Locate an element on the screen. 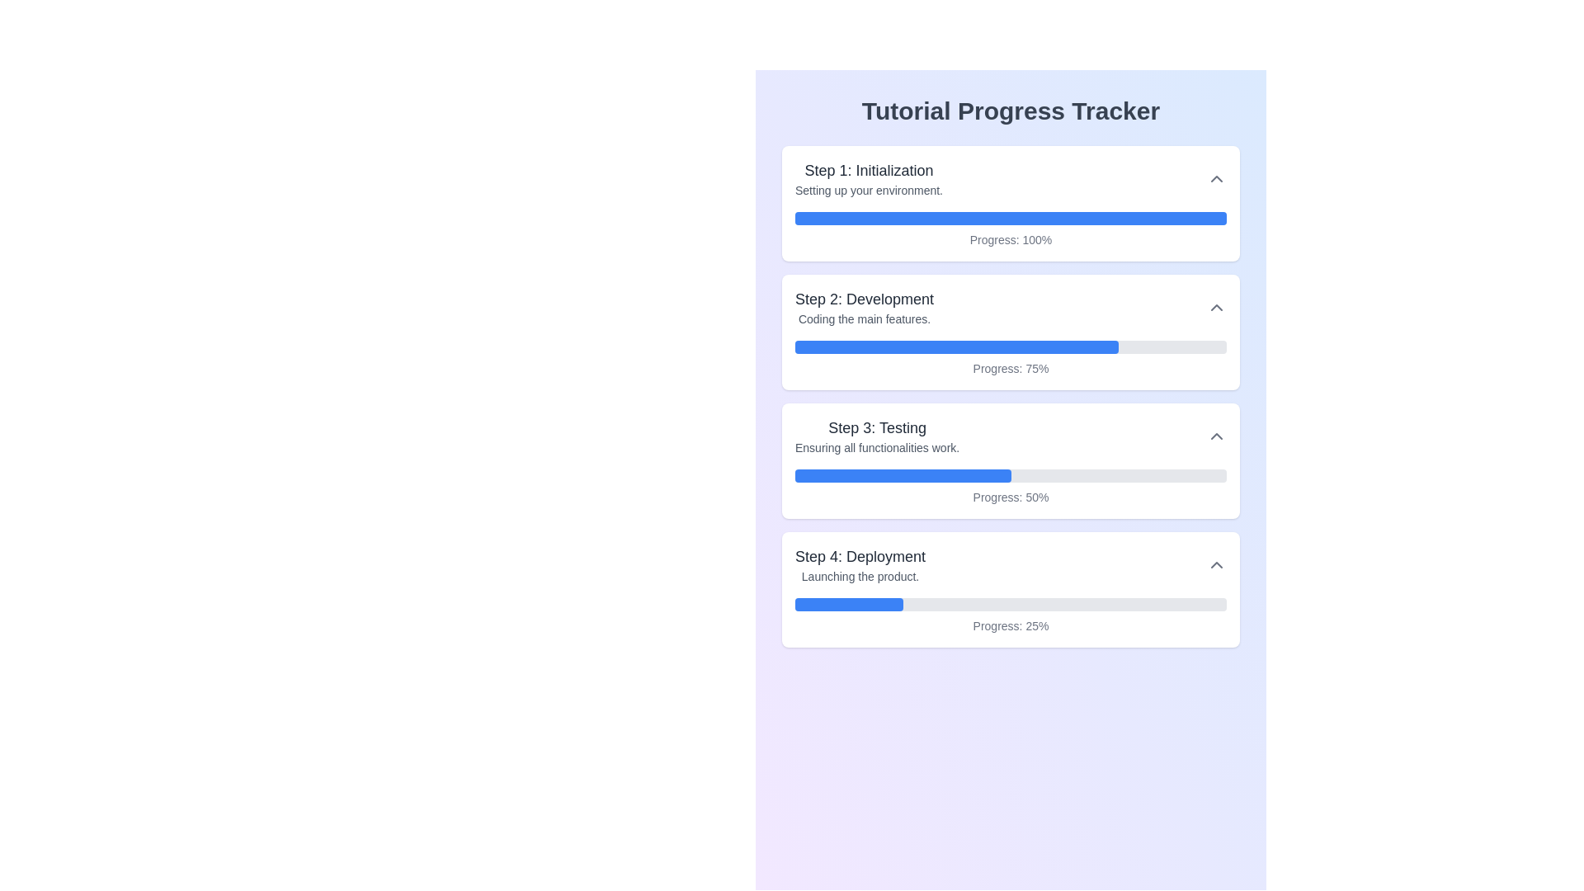 The image size is (1584, 891). the text label indicating the deployment phase of the tutorial progress tracker, located in the fourth section of the layout is located at coordinates (860, 557).